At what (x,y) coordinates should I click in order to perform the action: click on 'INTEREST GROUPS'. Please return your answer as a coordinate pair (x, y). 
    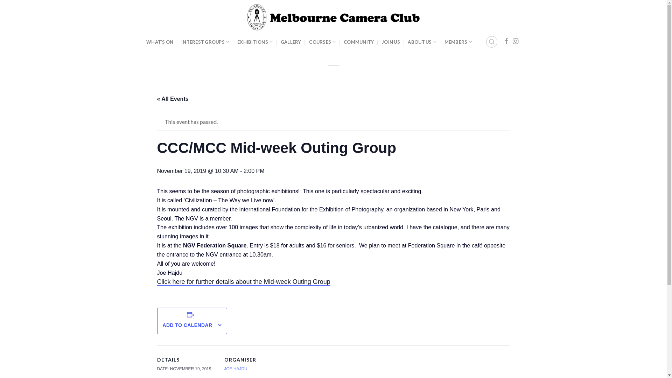
    Looking at the image, I should click on (205, 42).